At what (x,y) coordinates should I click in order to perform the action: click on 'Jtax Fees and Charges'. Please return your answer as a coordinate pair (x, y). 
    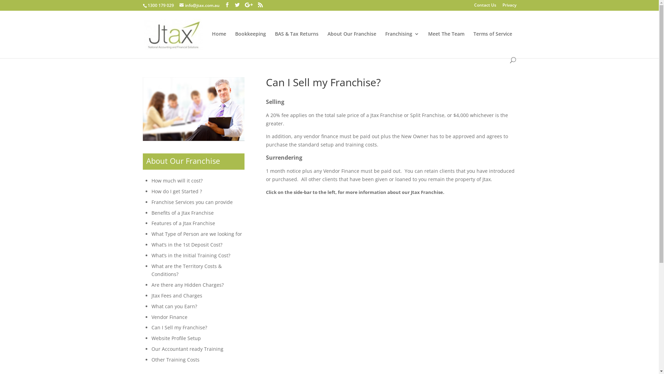
    Looking at the image, I should click on (177, 295).